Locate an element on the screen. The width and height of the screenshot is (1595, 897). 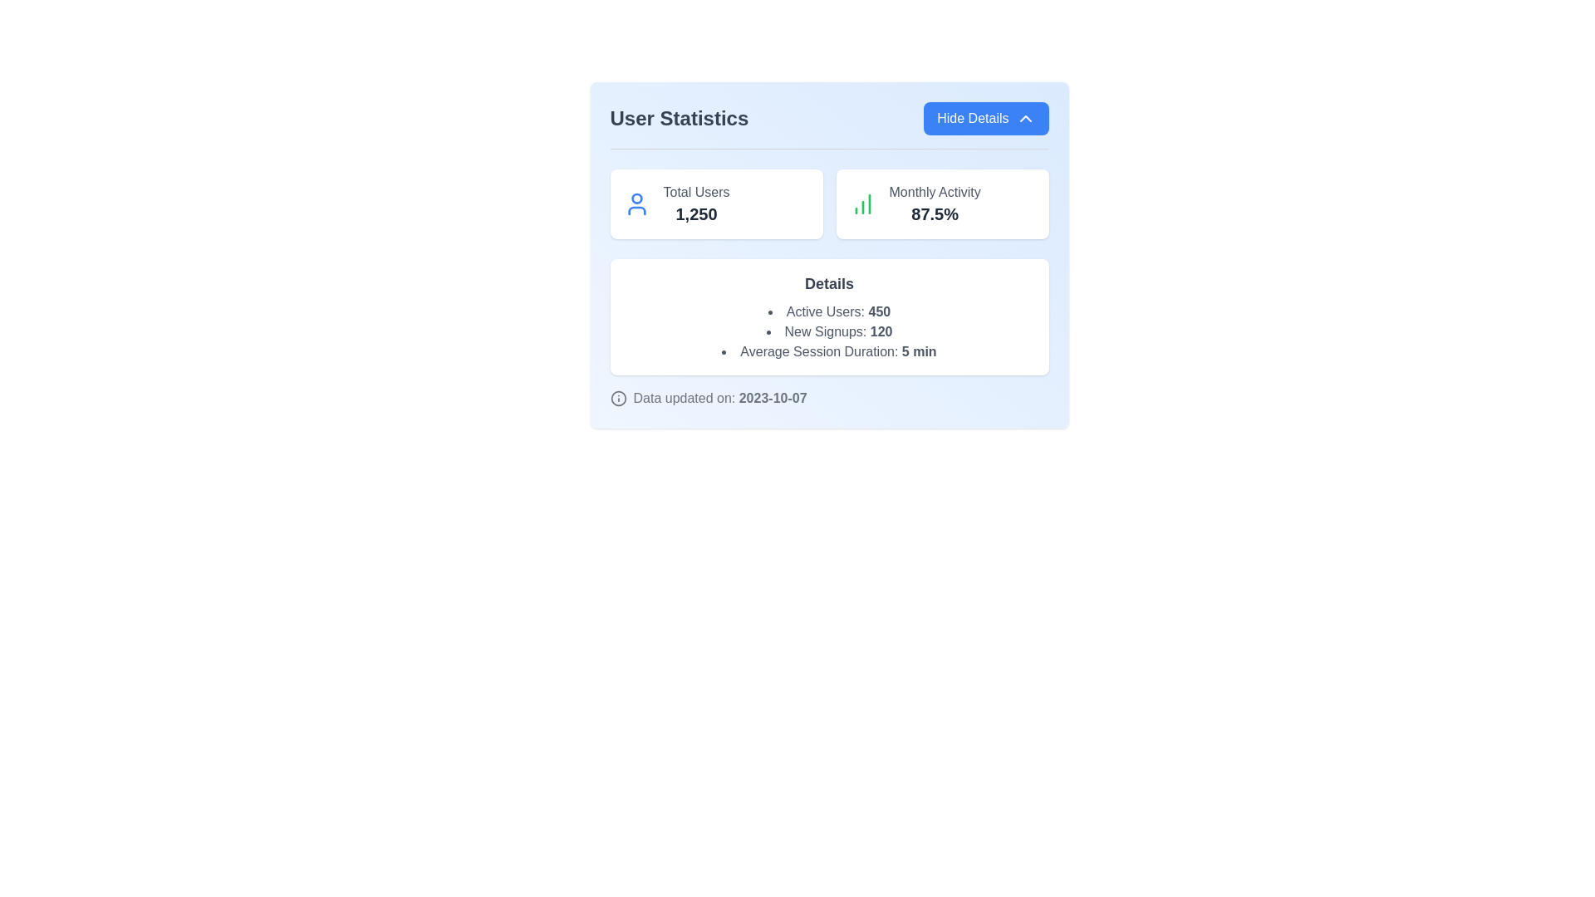
the bullet list text block containing active users, new signups, and average session duration, which is located in the 'Details' card below the 'User Statistics' section is located at coordinates (829, 332).